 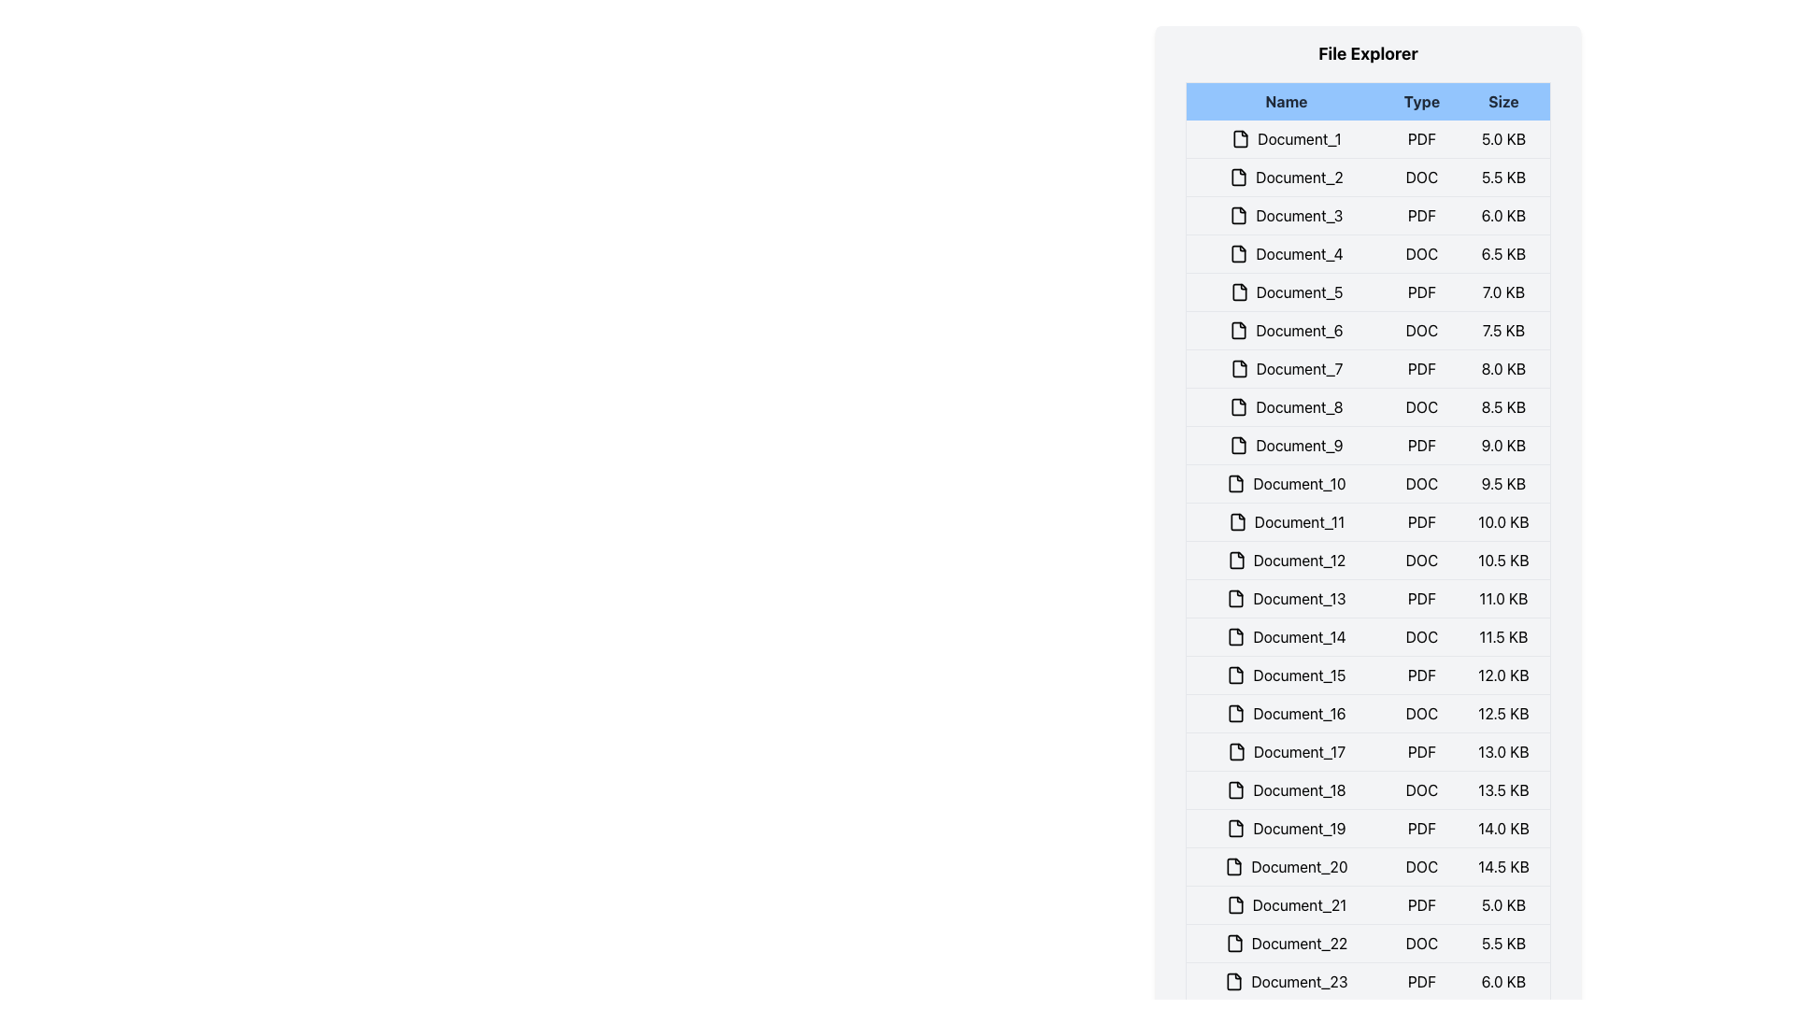 I want to click on the text label displaying '9.0 KB' located in the 'Size' column of the 'Document_9' row in a file explorer interface, so click(x=1503, y=446).